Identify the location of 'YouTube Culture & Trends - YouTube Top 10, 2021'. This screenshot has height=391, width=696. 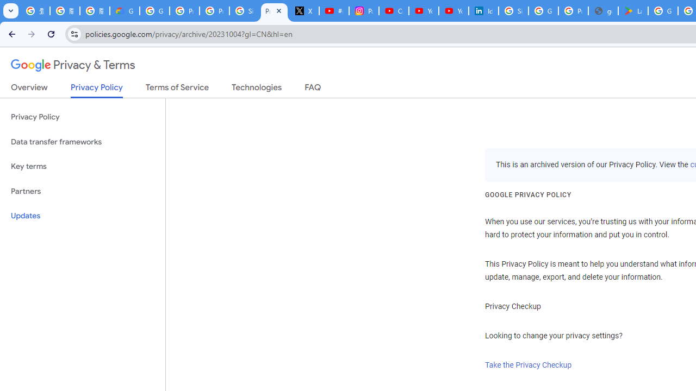
(453, 11).